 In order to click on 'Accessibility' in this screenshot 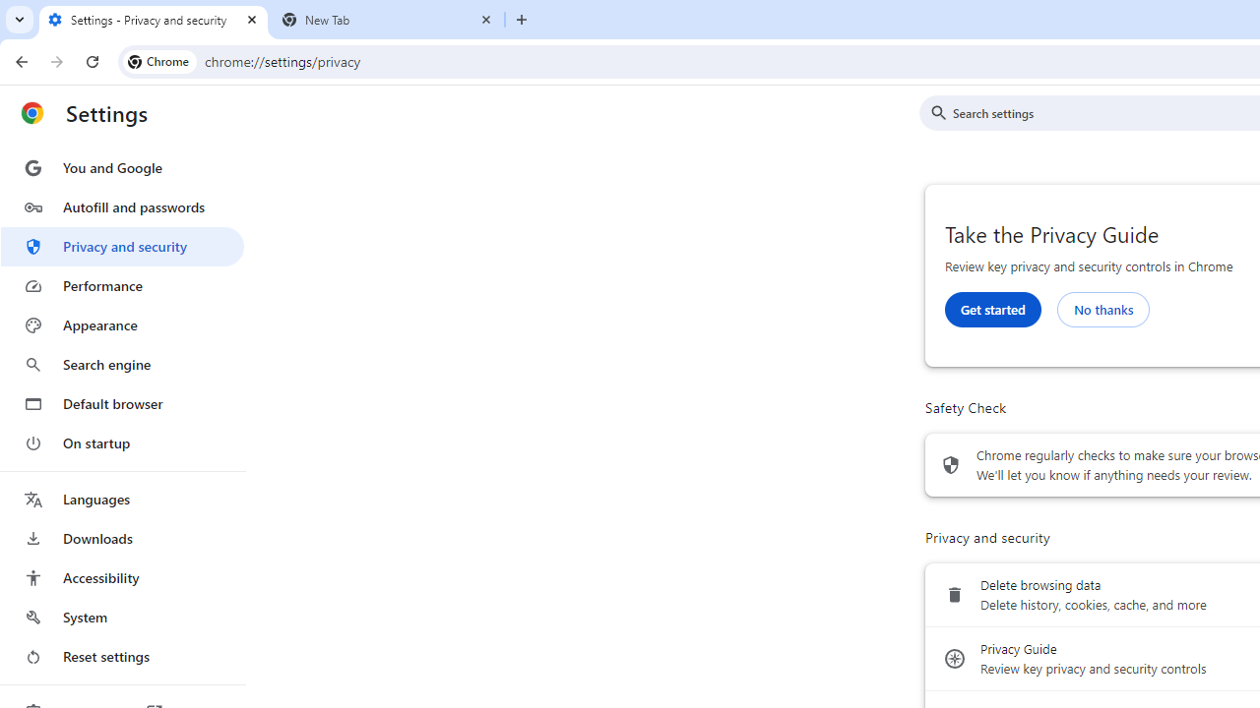, I will do `click(121, 576)`.